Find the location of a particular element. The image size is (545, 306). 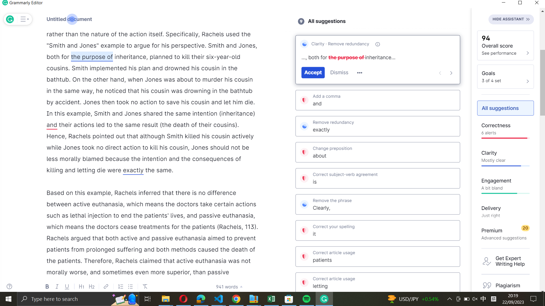

the following suggestion offered by Grammarly is located at coordinates (451, 72).